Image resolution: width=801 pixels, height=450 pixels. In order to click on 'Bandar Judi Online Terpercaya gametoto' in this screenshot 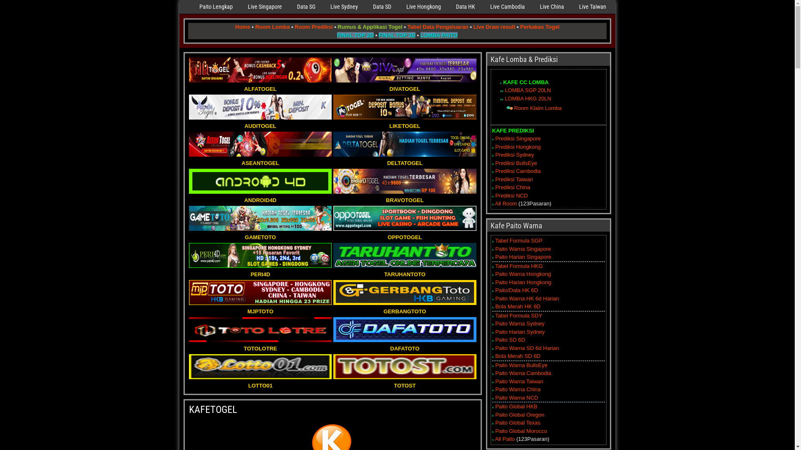, I will do `click(260, 218)`.